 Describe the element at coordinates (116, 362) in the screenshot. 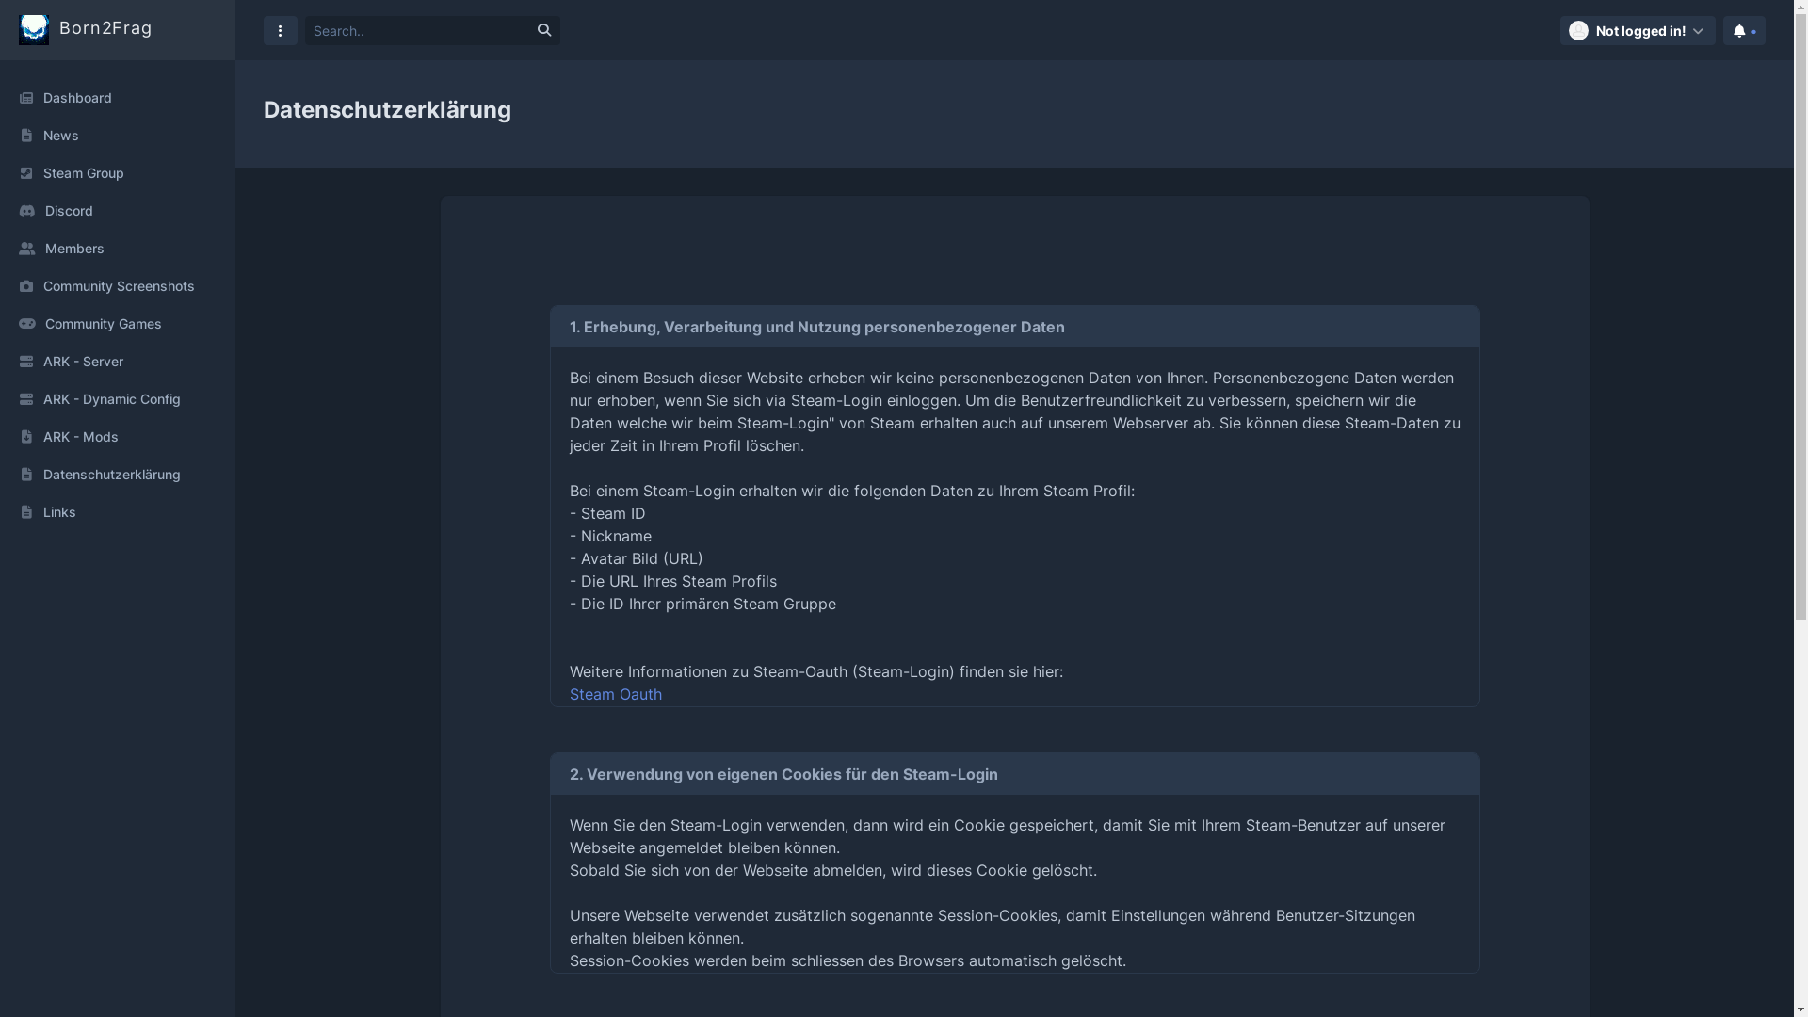

I see `'ARK - Server'` at that location.